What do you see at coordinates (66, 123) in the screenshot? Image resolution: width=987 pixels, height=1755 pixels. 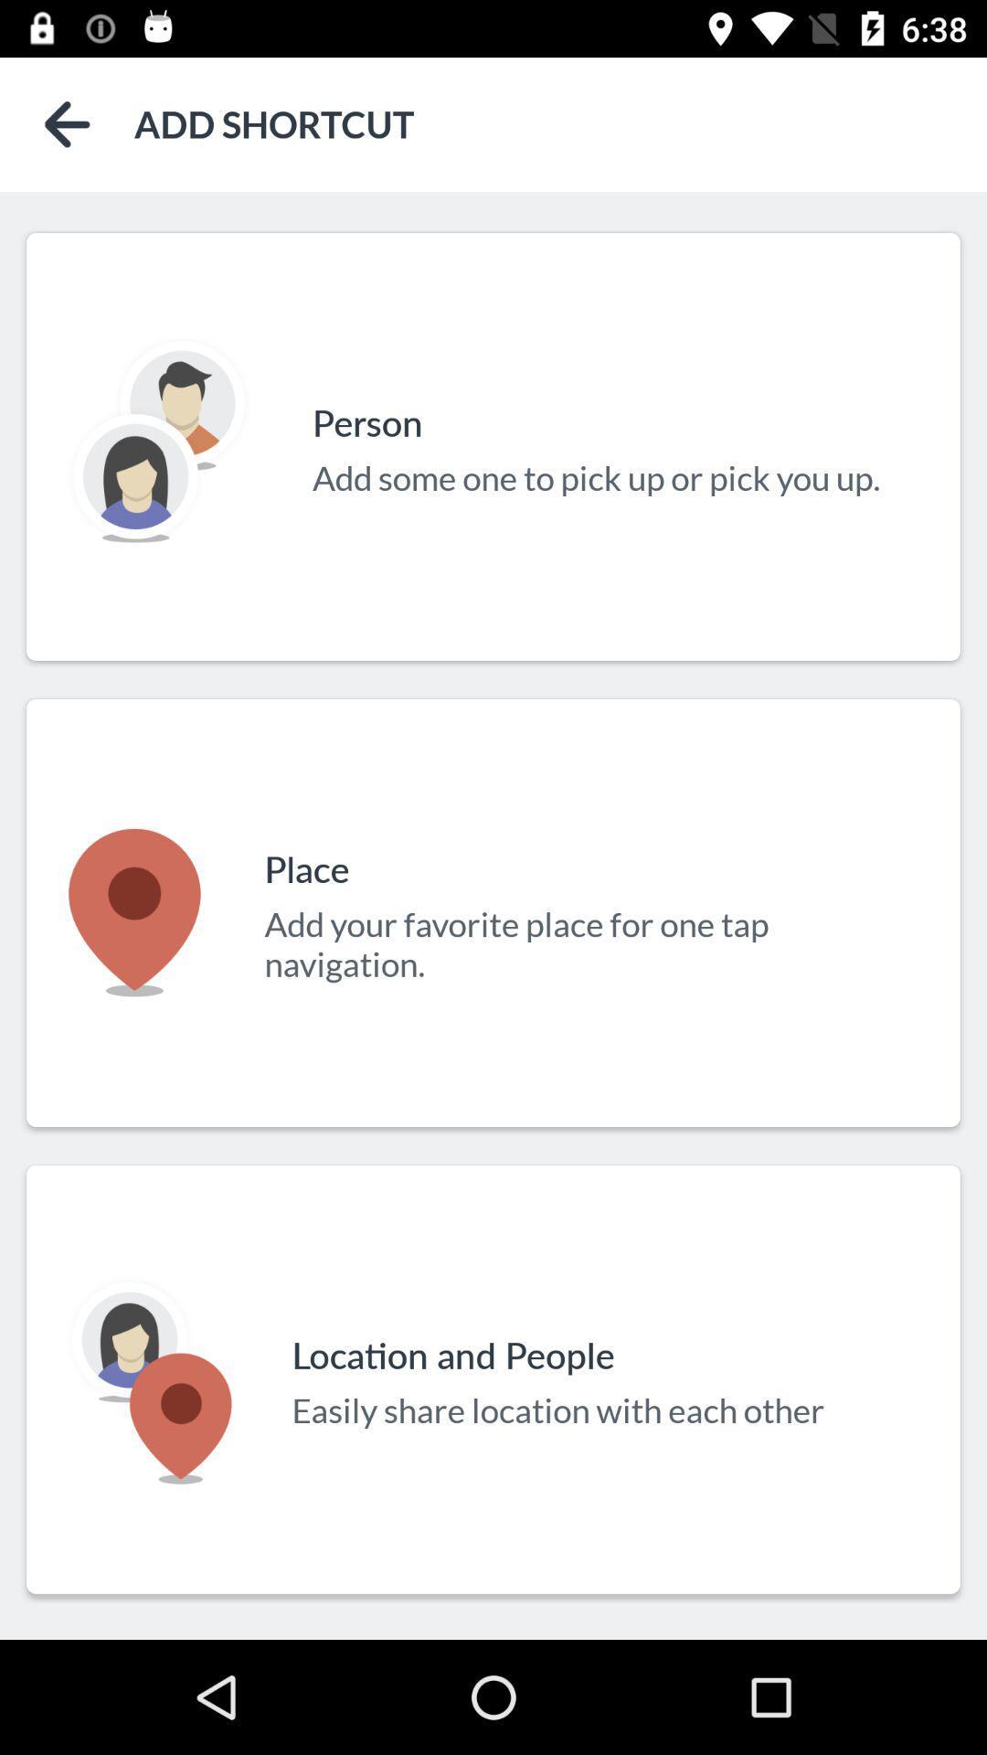 I see `back to previous page` at bounding box center [66, 123].